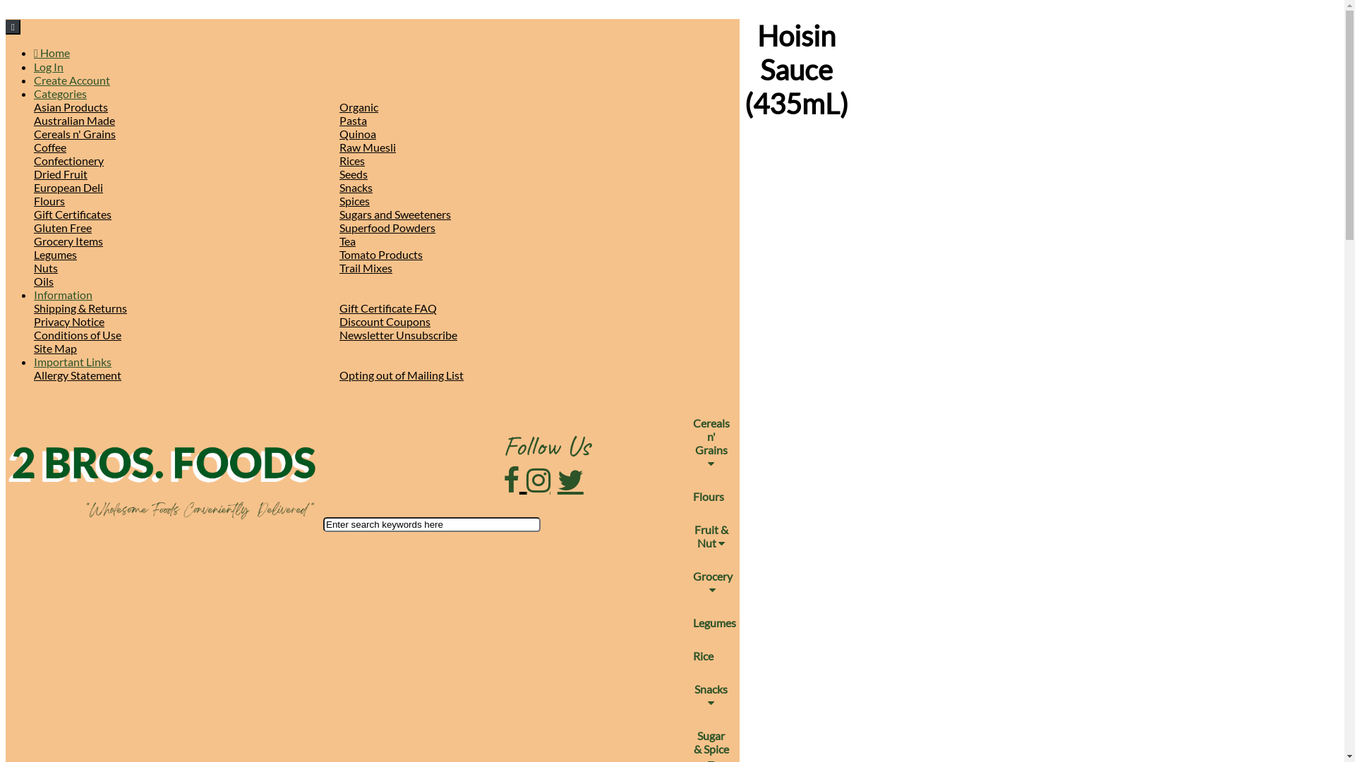 The height and width of the screenshot is (762, 1355). I want to click on 'Discount Coupons', so click(385, 321).